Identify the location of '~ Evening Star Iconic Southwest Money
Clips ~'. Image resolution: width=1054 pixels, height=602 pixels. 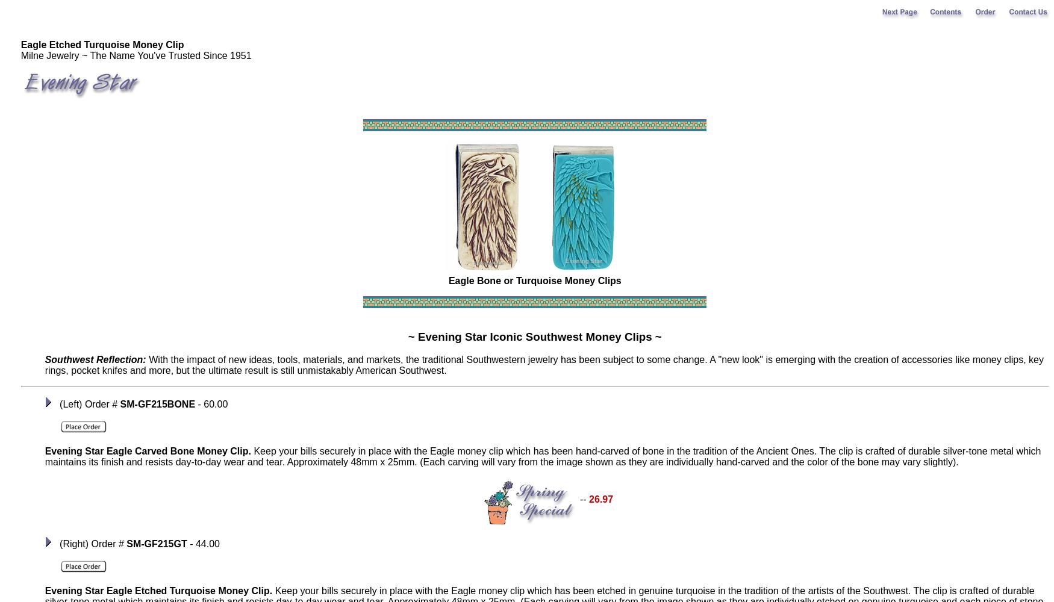
(534, 336).